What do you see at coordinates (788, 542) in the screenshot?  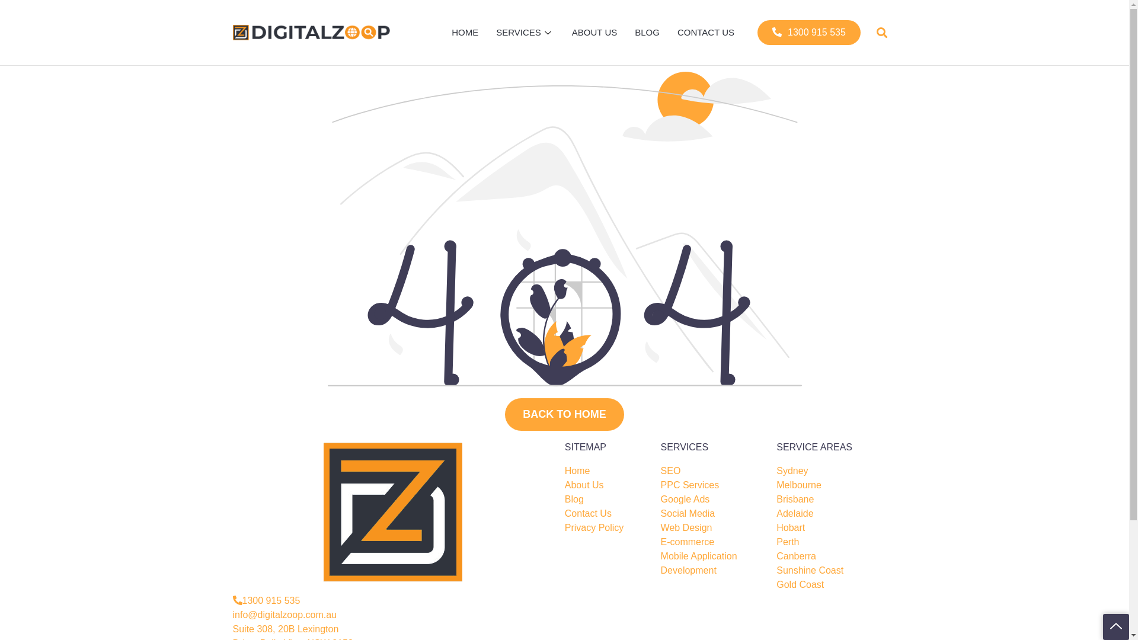 I see `'Perth'` at bounding box center [788, 542].